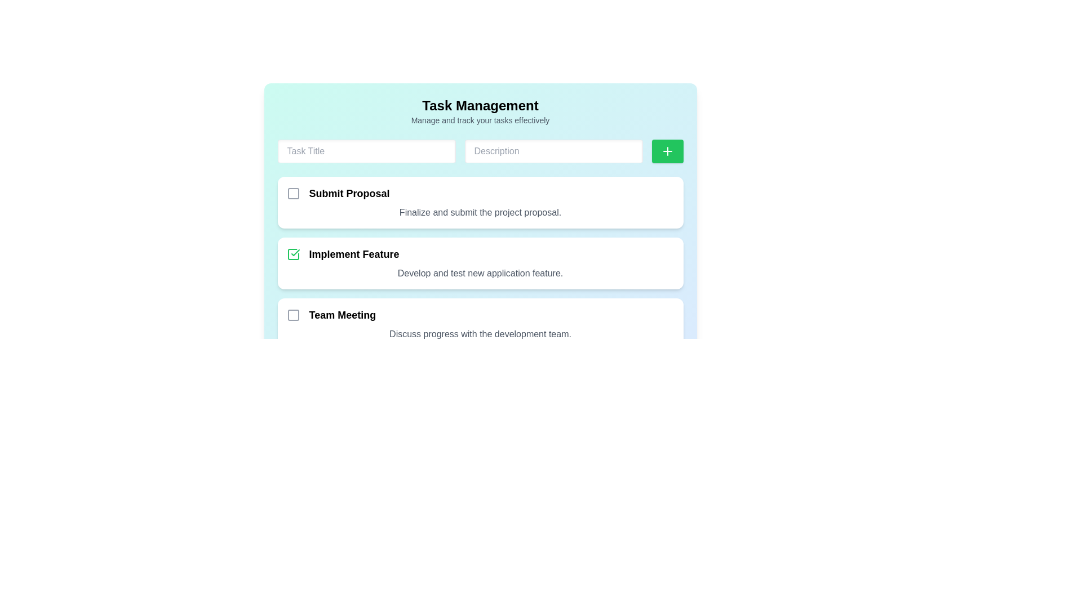 The image size is (1082, 608). I want to click on the checkbox located to the left of the text 'Team Meeting' to check or uncheck it, so click(293, 315).